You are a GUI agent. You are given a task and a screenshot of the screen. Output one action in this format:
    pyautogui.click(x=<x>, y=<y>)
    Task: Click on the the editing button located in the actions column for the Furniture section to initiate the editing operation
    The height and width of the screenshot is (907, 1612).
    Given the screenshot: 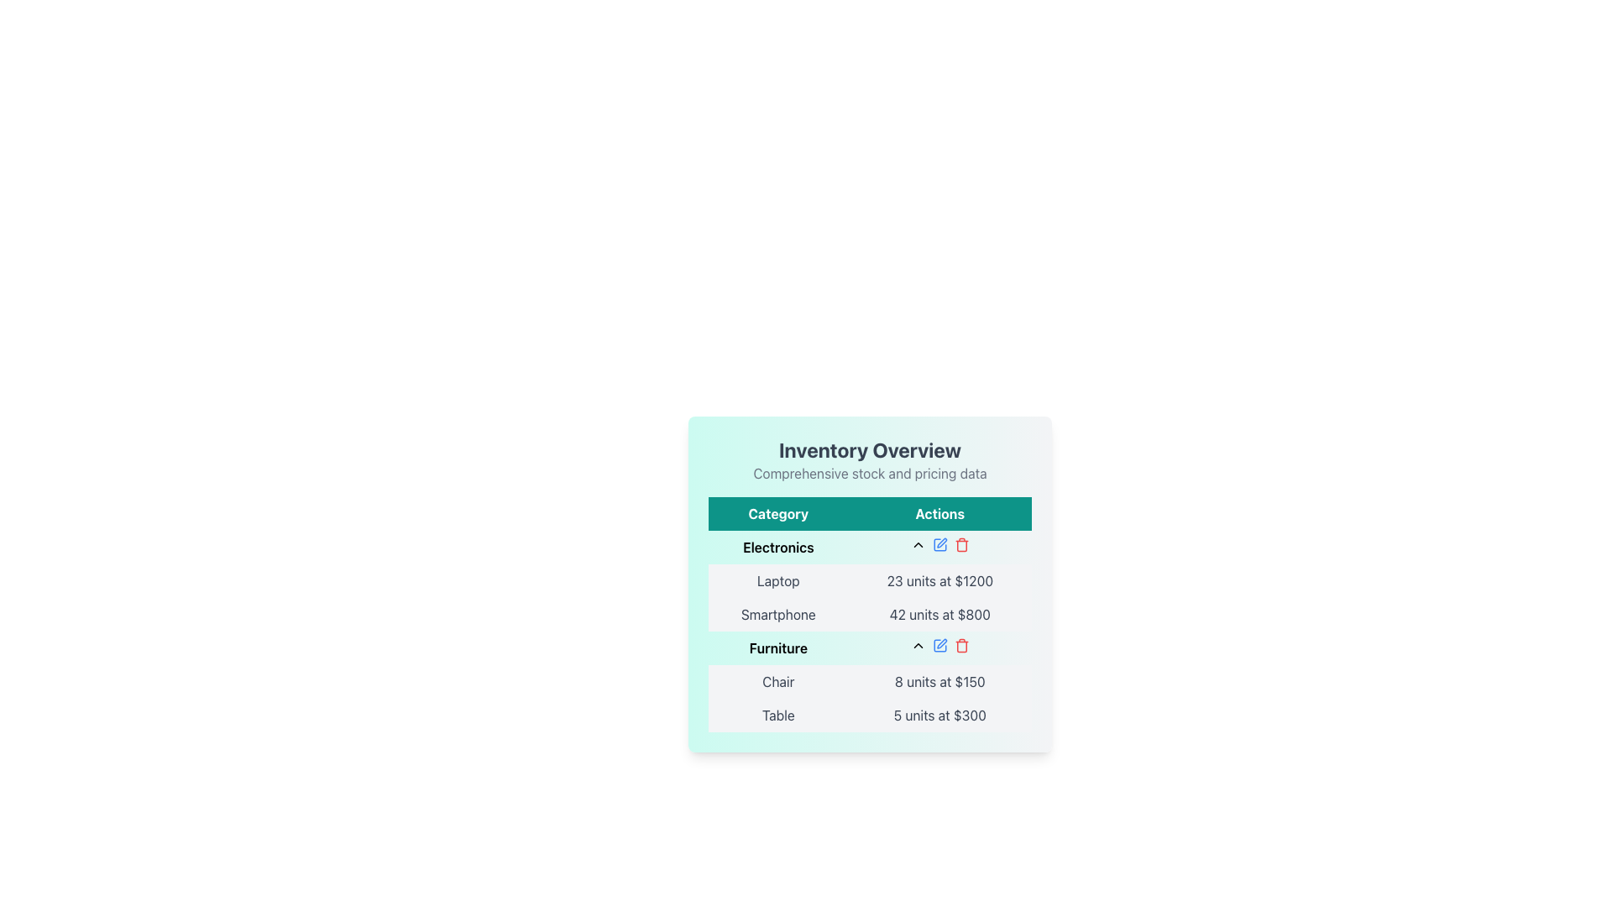 What is the action you would take?
    pyautogui.click(x=939, y=644)
    